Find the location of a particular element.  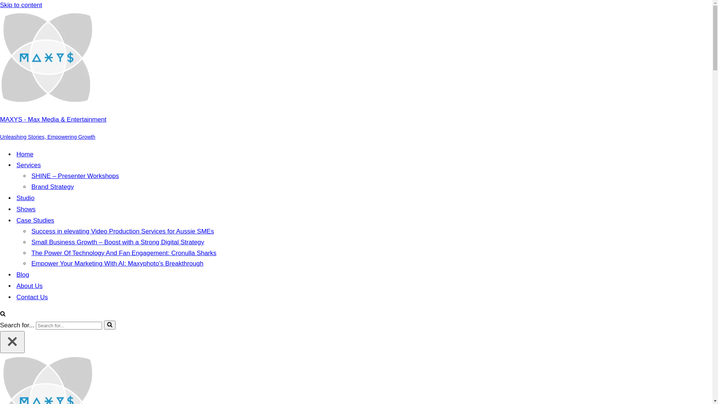

'Services' is located at coordinates (28, 165).